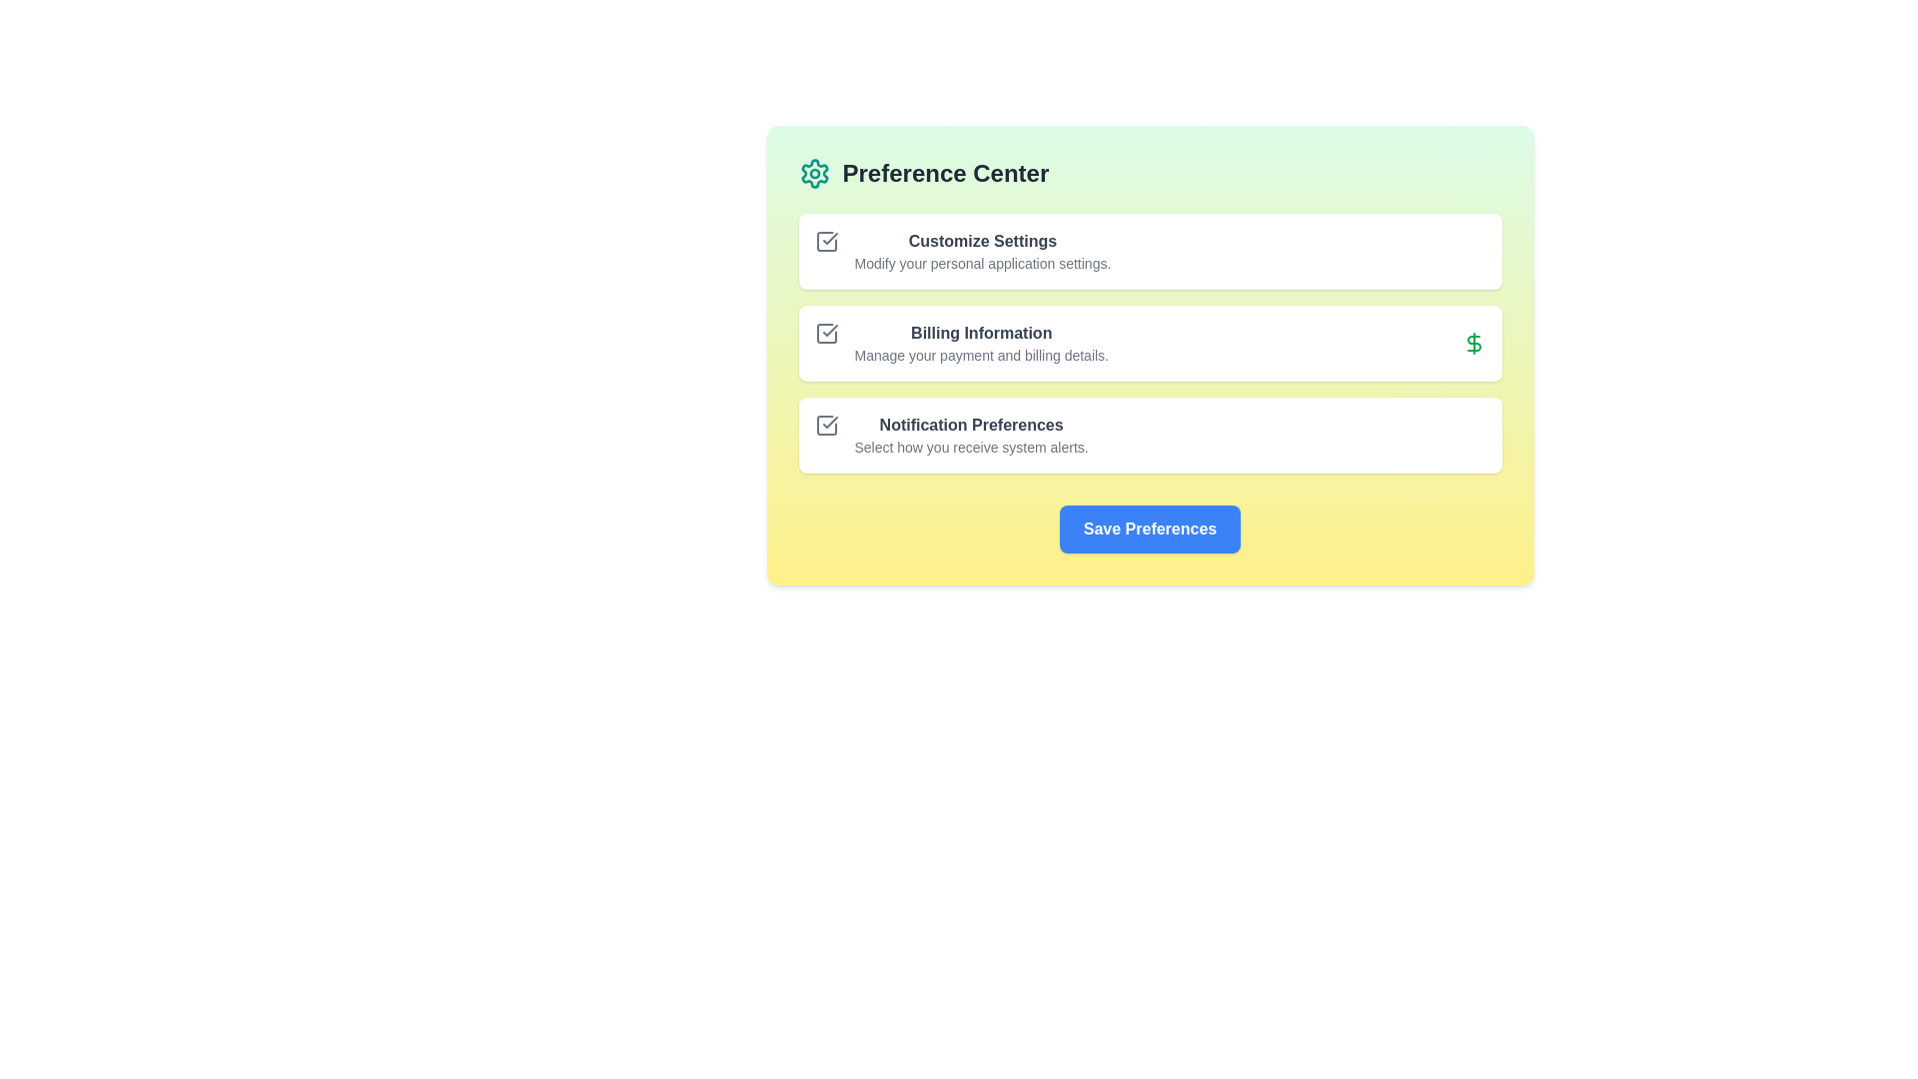  What do you see at coordinates (826, 424) in the screenshot?
I see `the decorative icon located to the left of the 'Notification Preferences' text option` at bounding box center [826, 424].